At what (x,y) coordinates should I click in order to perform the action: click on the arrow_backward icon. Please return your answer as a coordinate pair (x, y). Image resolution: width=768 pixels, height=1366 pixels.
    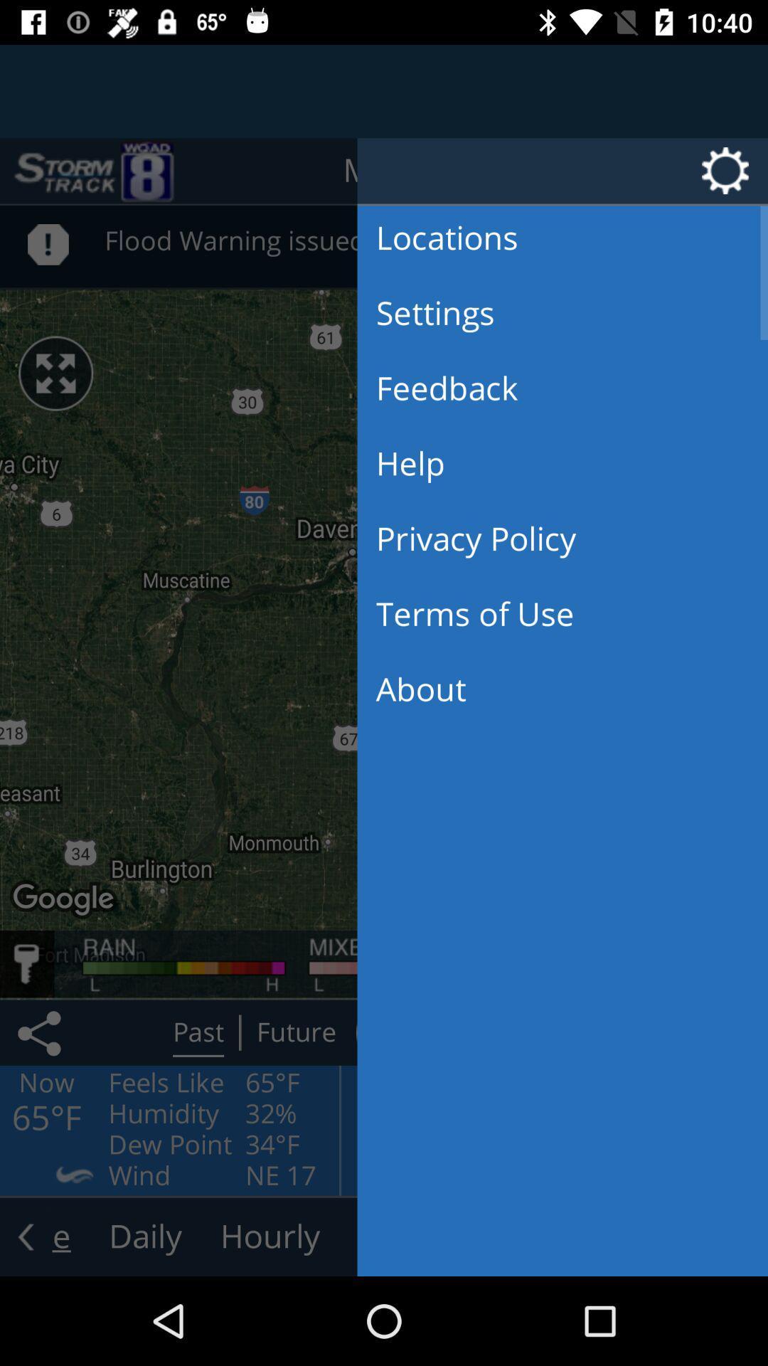
    Looking at the image, I should click on (26, 1236).